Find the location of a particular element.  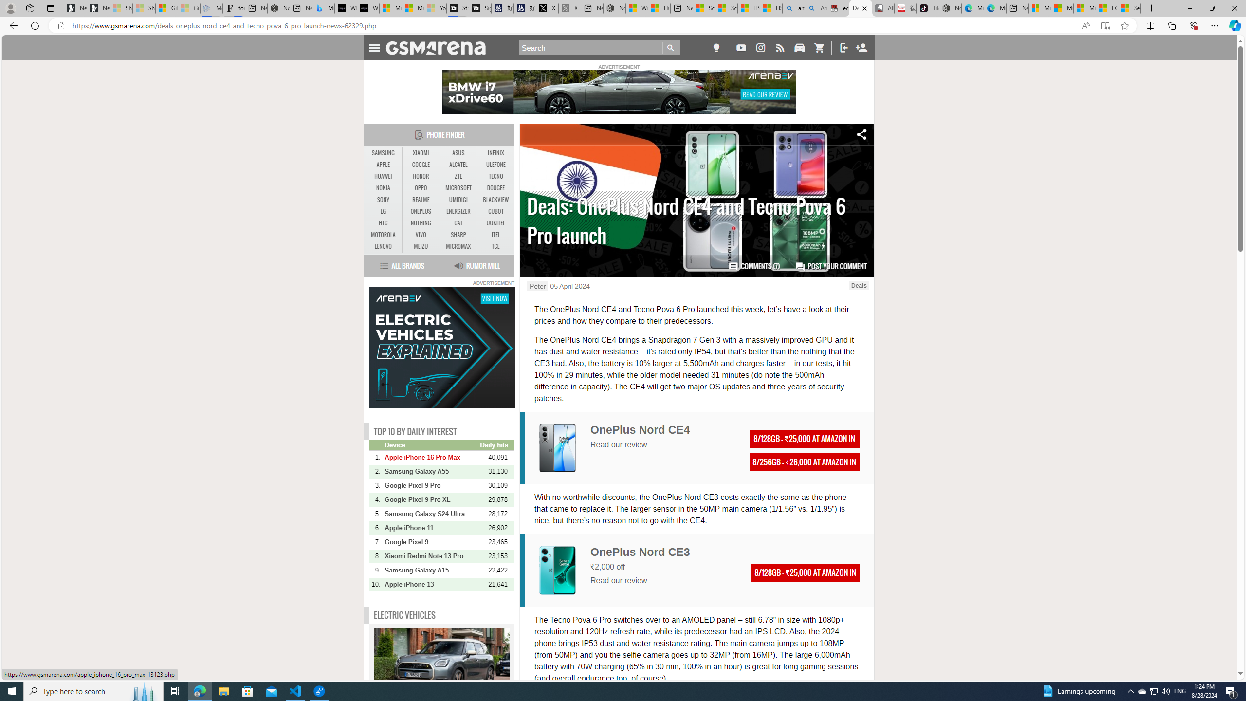

'MEIZU' is located at coordinates (421, 246).